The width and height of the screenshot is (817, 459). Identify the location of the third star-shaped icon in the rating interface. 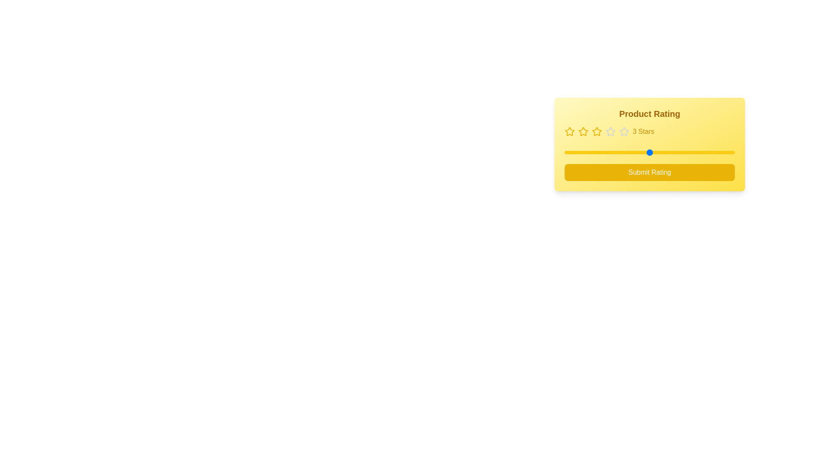
(624, 131).